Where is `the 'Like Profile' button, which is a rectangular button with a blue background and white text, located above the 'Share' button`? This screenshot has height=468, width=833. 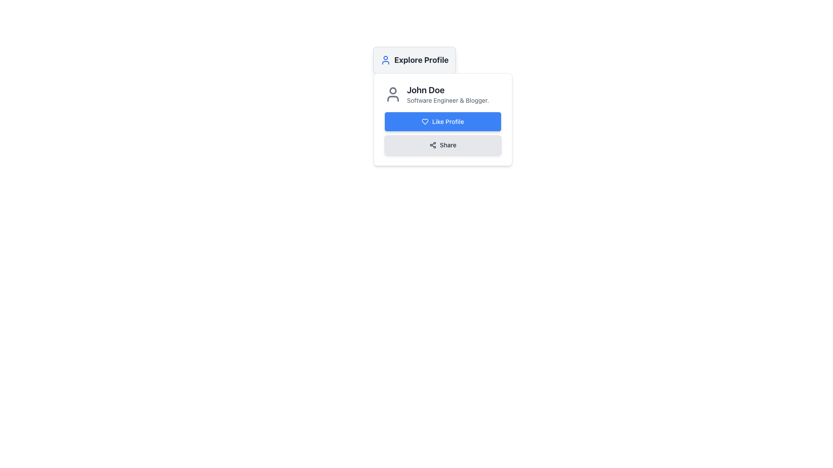
the 'Like Profile' button, which is a rectangular button with a blue background and white text, located above the 'Share' button is located at coordinates (443, 122).